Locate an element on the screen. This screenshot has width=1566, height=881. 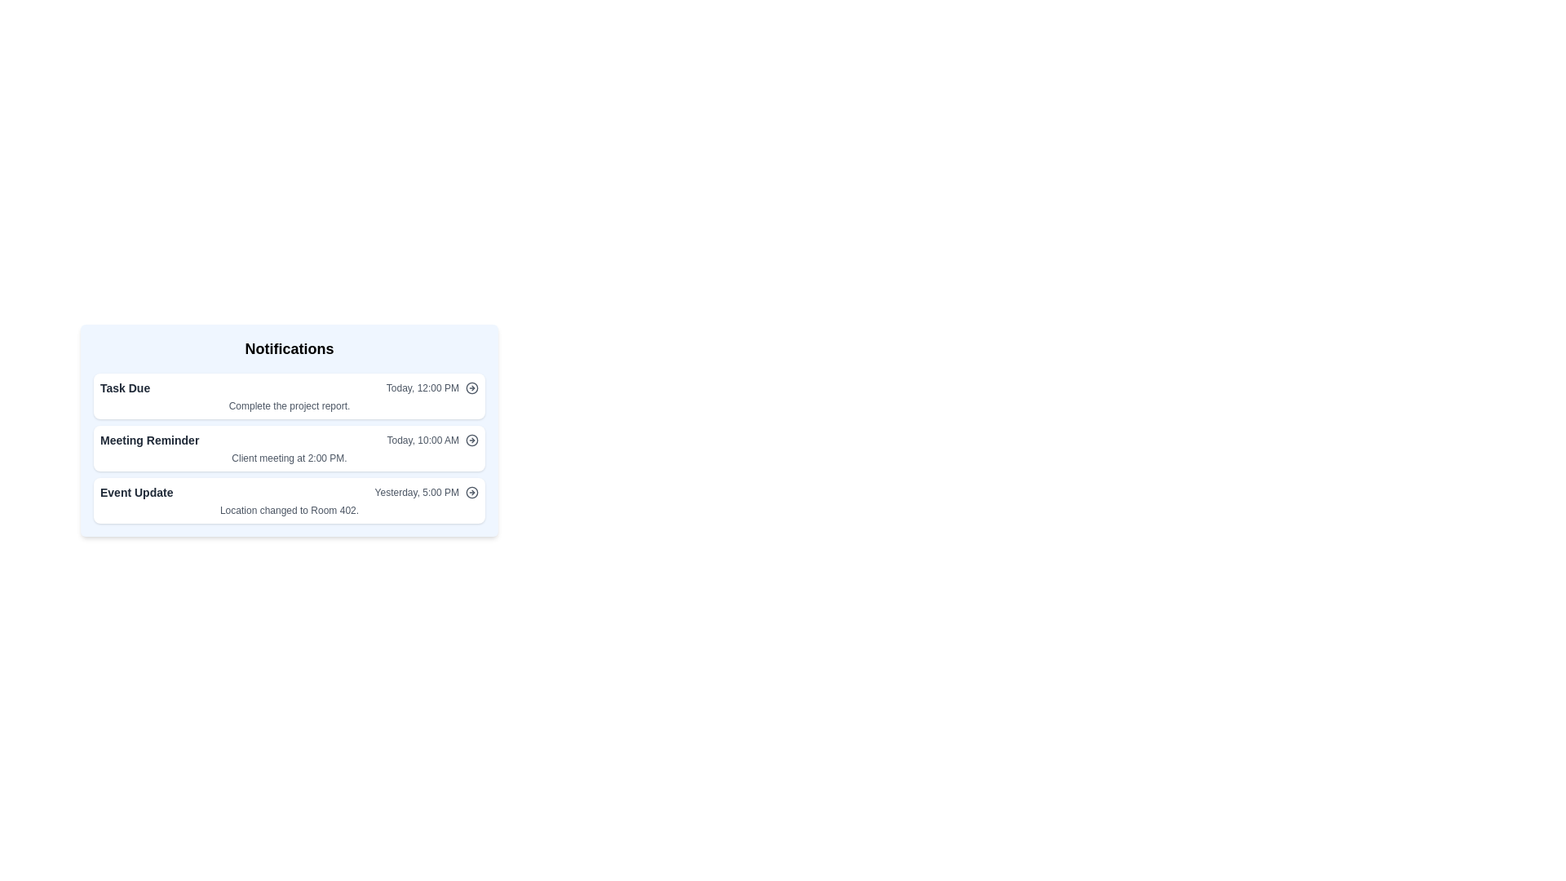
the static text label indicating the time associated with the 'Meeting Reminder' notification, located in the upper-right section of the notification area, just to the left of an arrow icon is located at coordinates (422, 440).